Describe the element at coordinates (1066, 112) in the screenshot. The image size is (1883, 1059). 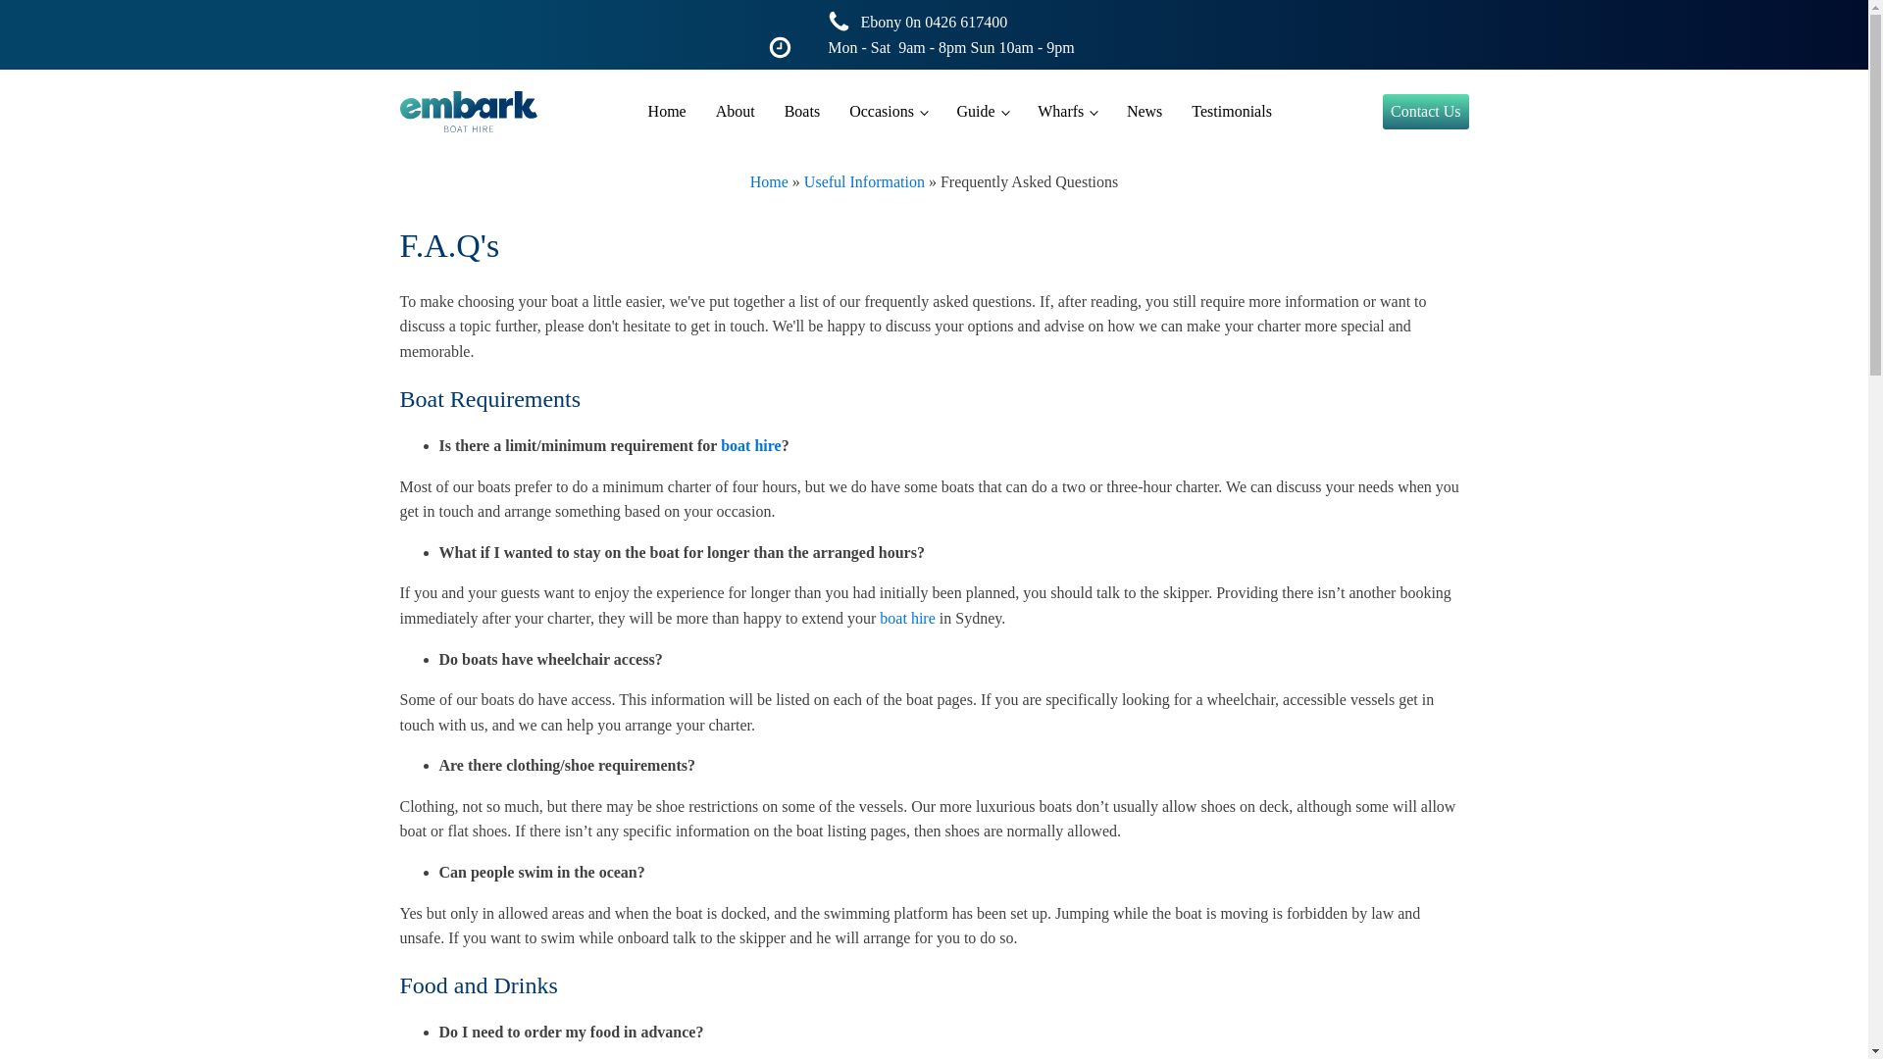
I see `'Wharfs'` at that location.